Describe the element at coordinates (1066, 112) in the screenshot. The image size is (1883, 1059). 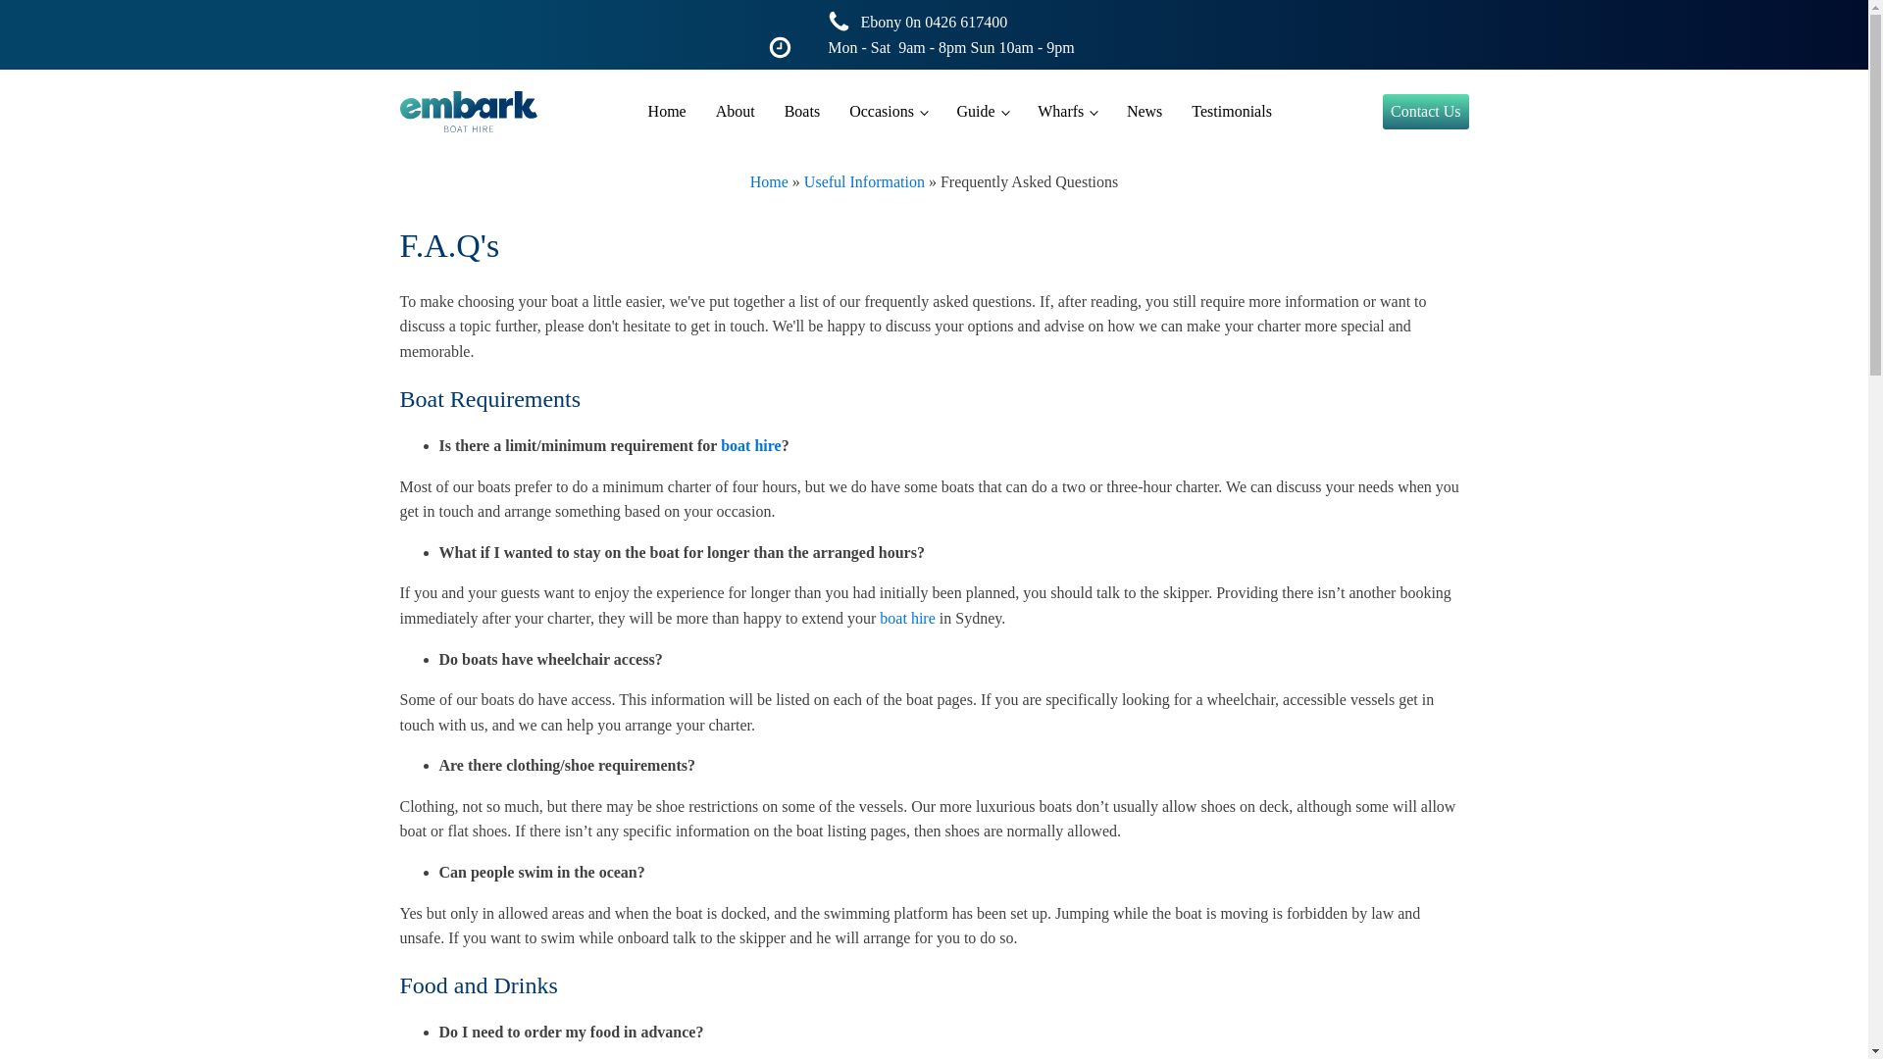
I see `'Wharfs'` at that location.